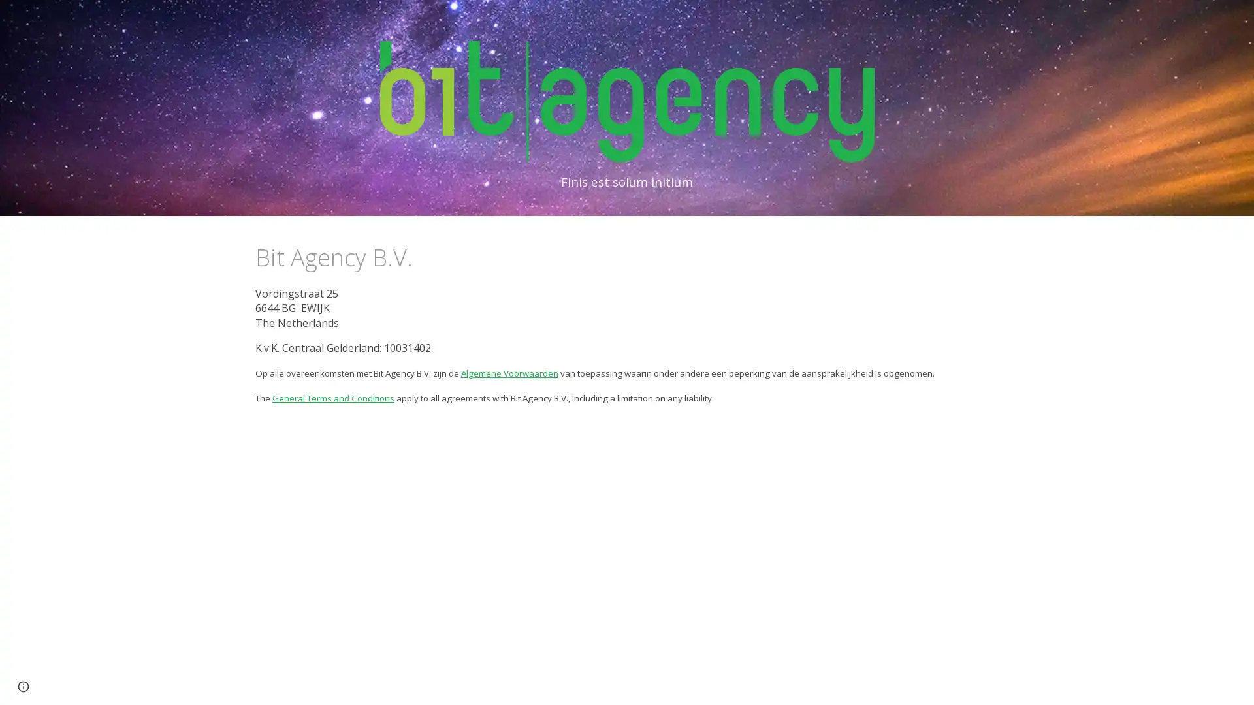 This screenshot has height=705, width=1254. What do you see at coordinates (514, 24) in the screenshot?
I see `Skip to main content` at bounding box center [514, 24].